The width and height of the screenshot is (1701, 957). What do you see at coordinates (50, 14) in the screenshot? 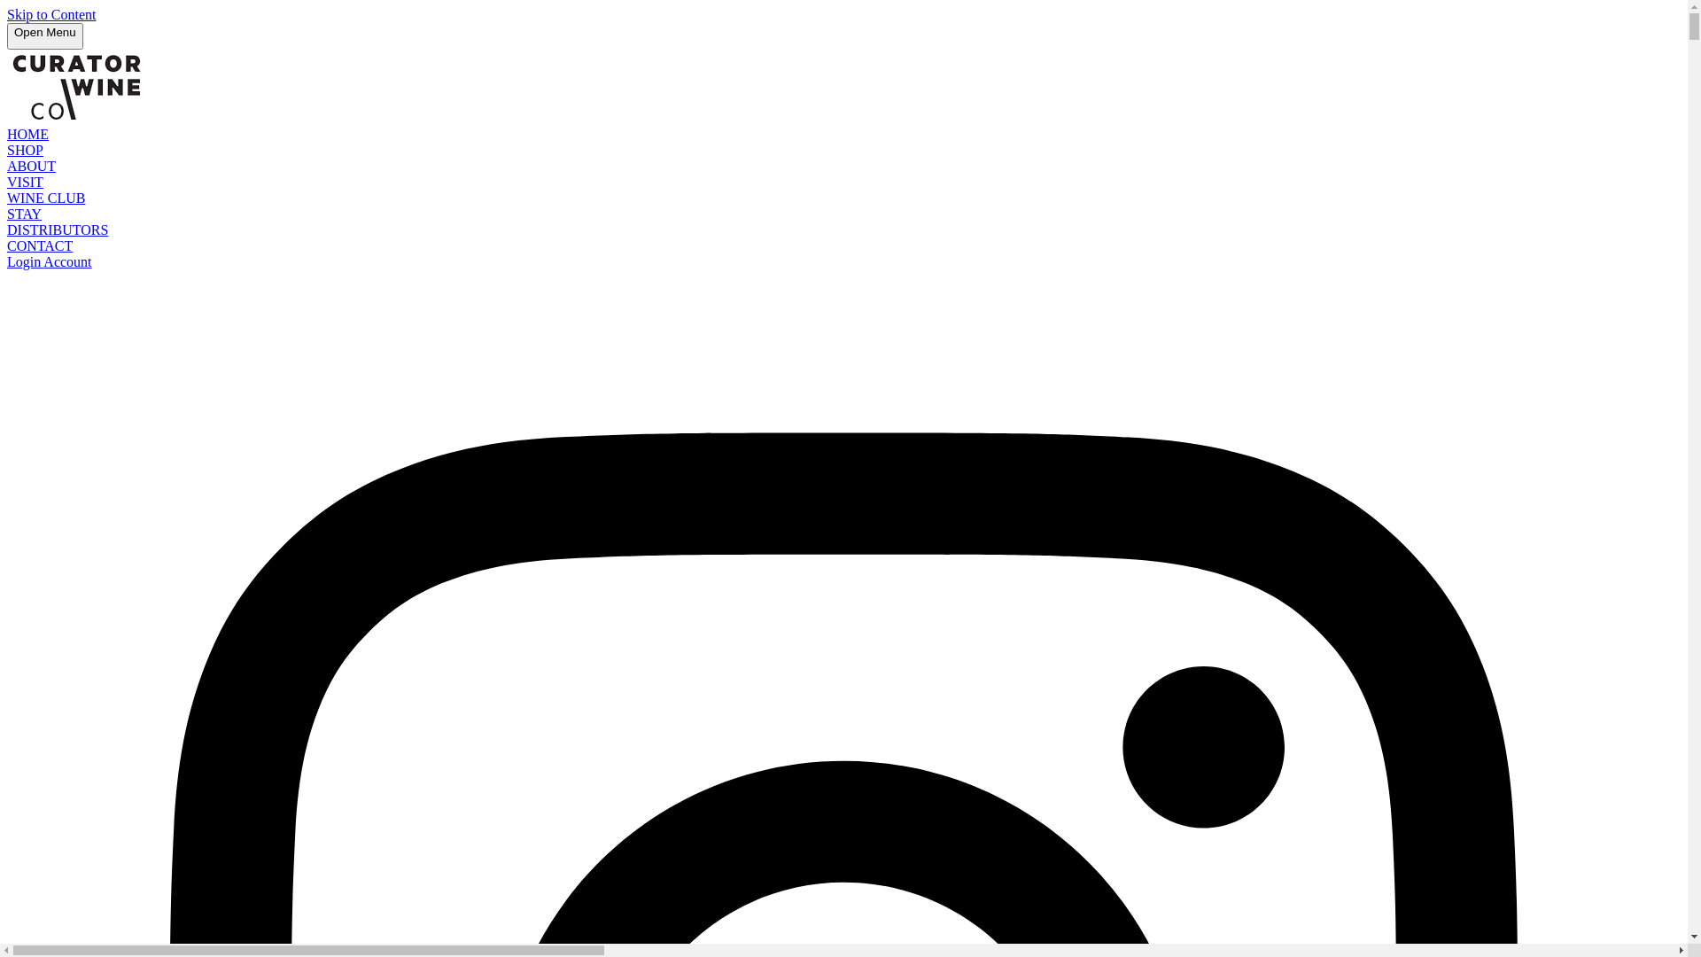
I see `'Skip to Content'` at bounding box center [50, 14].